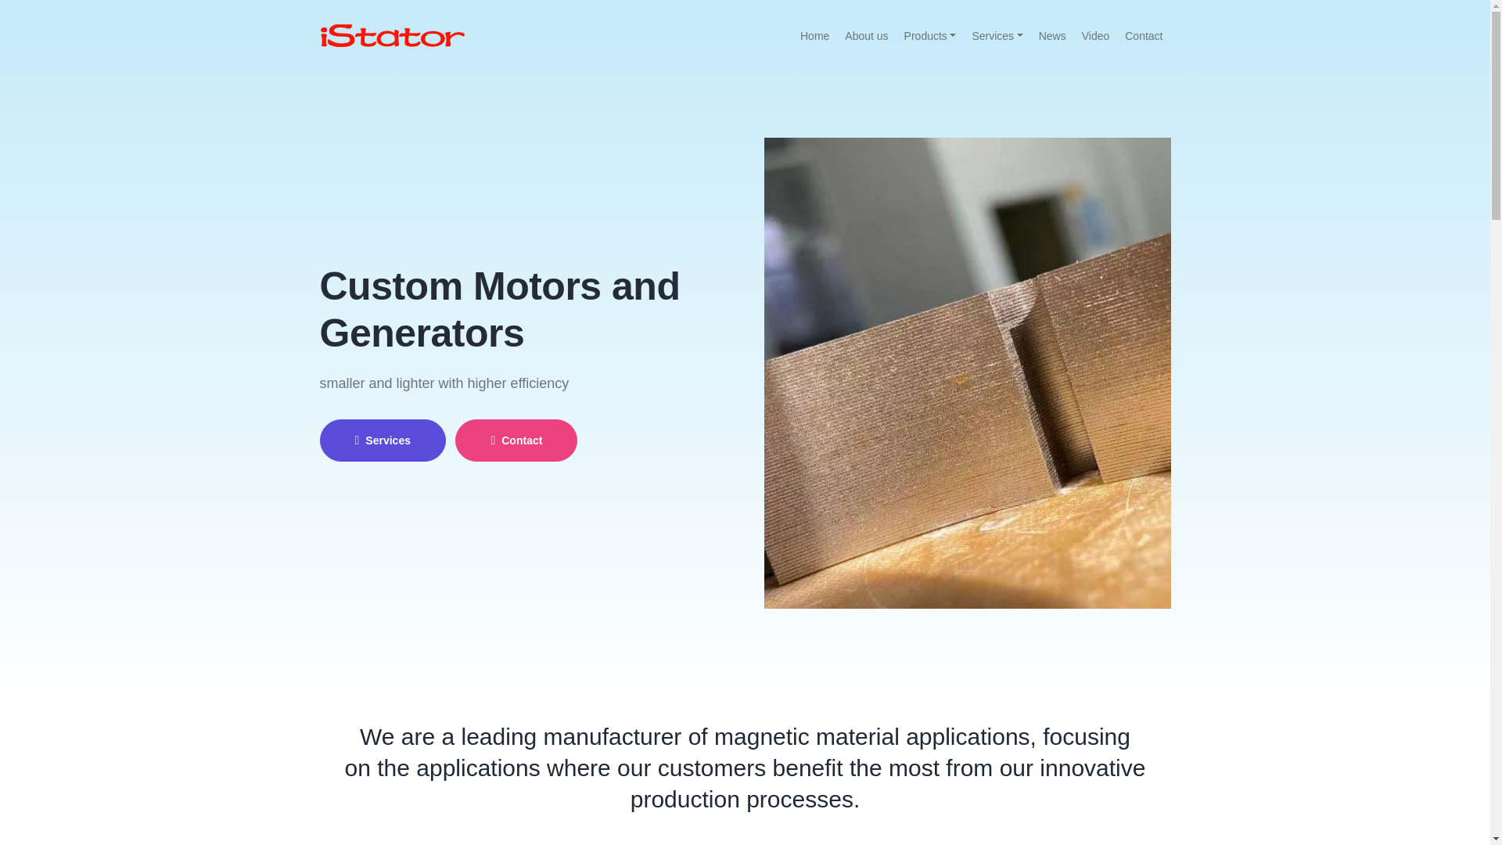 The width and height of the screenshot is (1502, 845). What do you see at coordinates (1031, 35) in the screenshot?
I see `'News'` at bounding box center [1031, 35].